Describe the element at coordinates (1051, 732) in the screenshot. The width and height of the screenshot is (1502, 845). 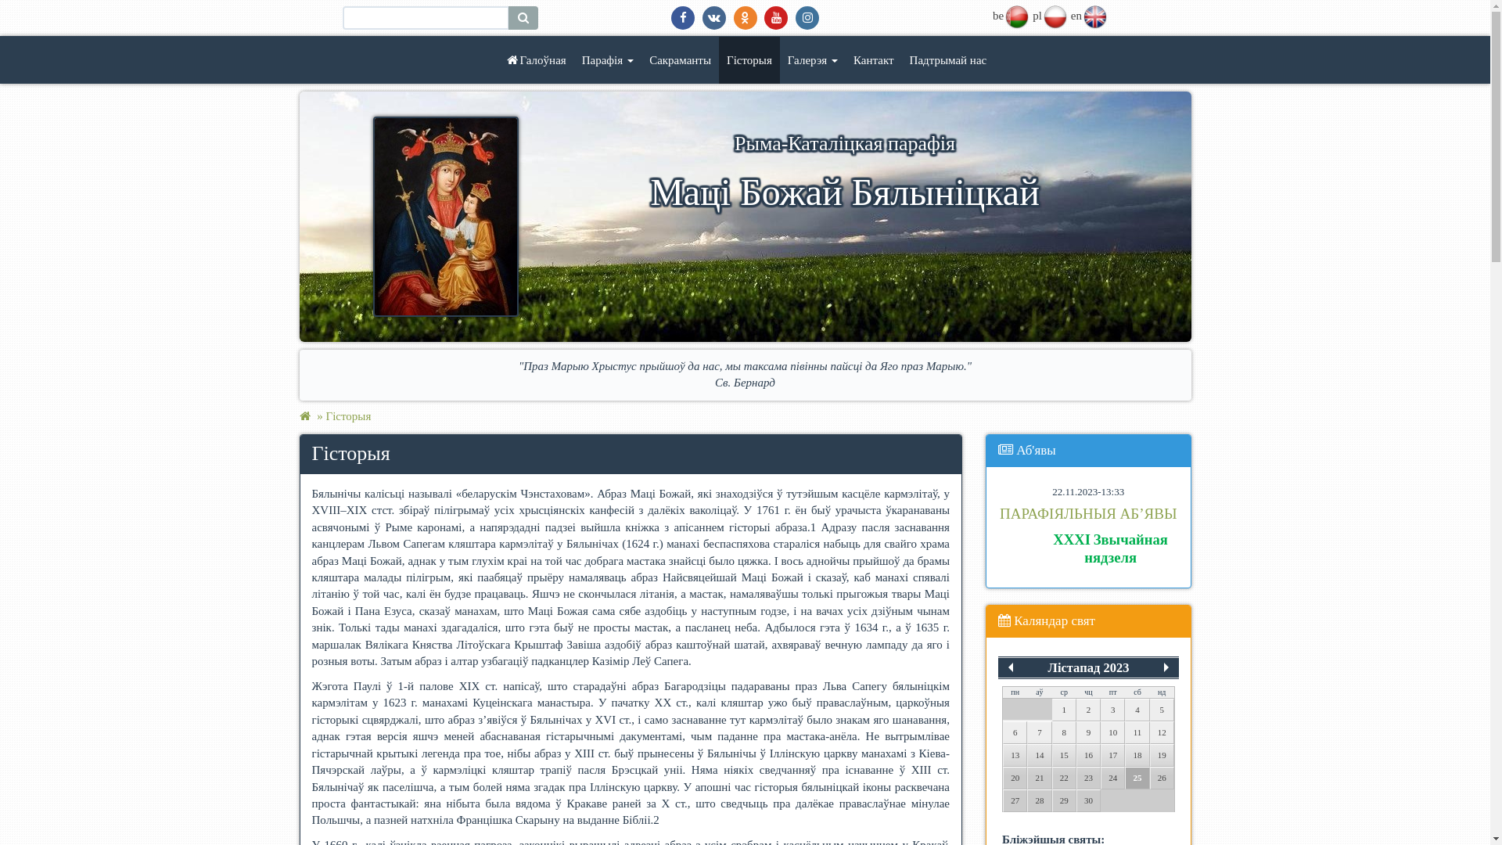
I see `'8'` at that location.